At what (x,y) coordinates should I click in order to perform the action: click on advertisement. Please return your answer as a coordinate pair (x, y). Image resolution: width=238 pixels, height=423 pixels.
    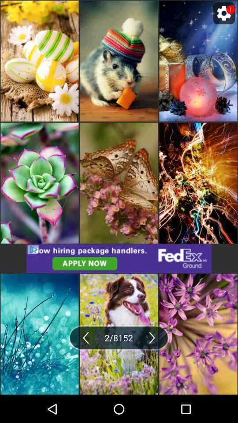
    Looking at the image, I should click on (119, 259).